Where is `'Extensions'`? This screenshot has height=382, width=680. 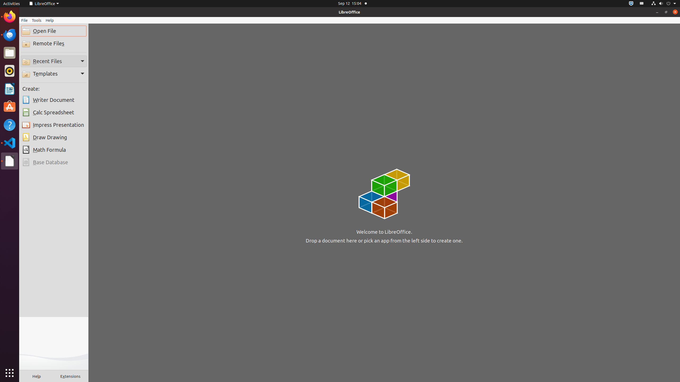 'Extensions' is located at coordinates (70, 376).